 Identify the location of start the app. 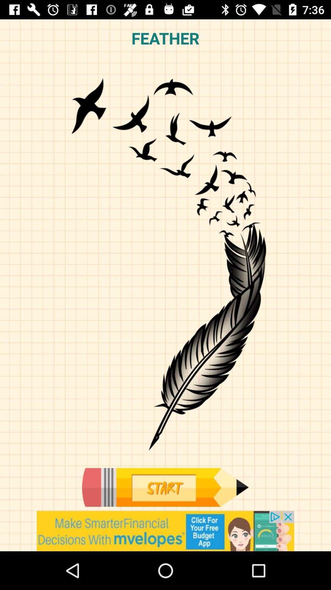
(165, 487).